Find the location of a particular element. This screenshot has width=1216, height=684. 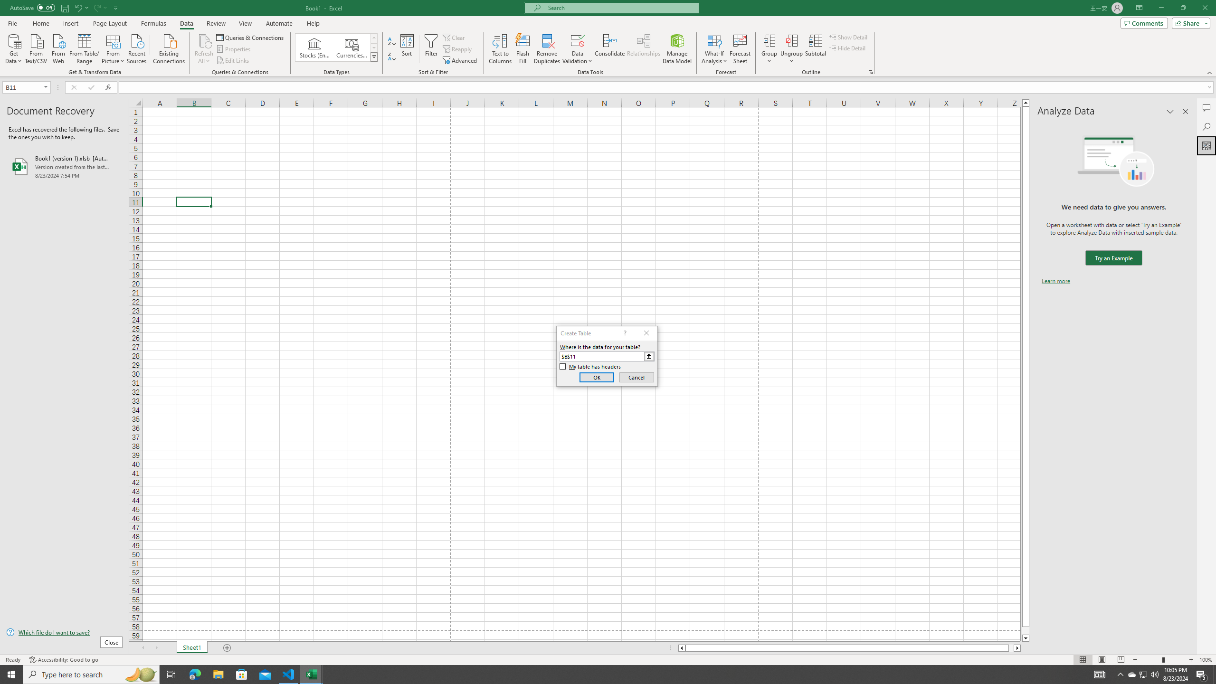

'Redo' is located at coordinates (99, 7).